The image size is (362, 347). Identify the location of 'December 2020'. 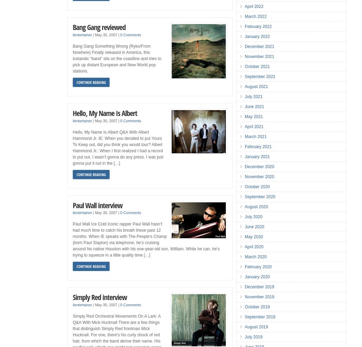
(259, 167).